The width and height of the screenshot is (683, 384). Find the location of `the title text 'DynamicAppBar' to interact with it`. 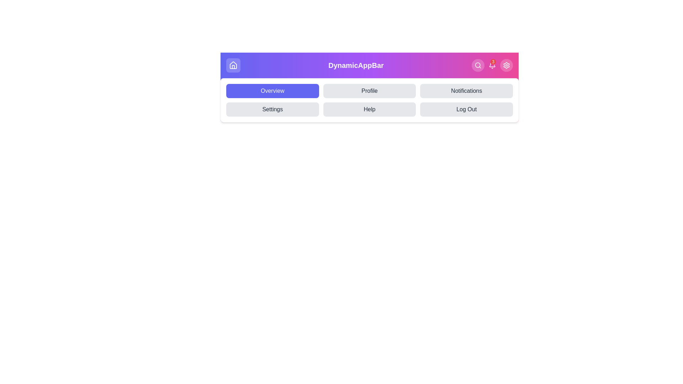

the title text 'DynamicAppBar' to interact with it is located at coordinates (356, 65).